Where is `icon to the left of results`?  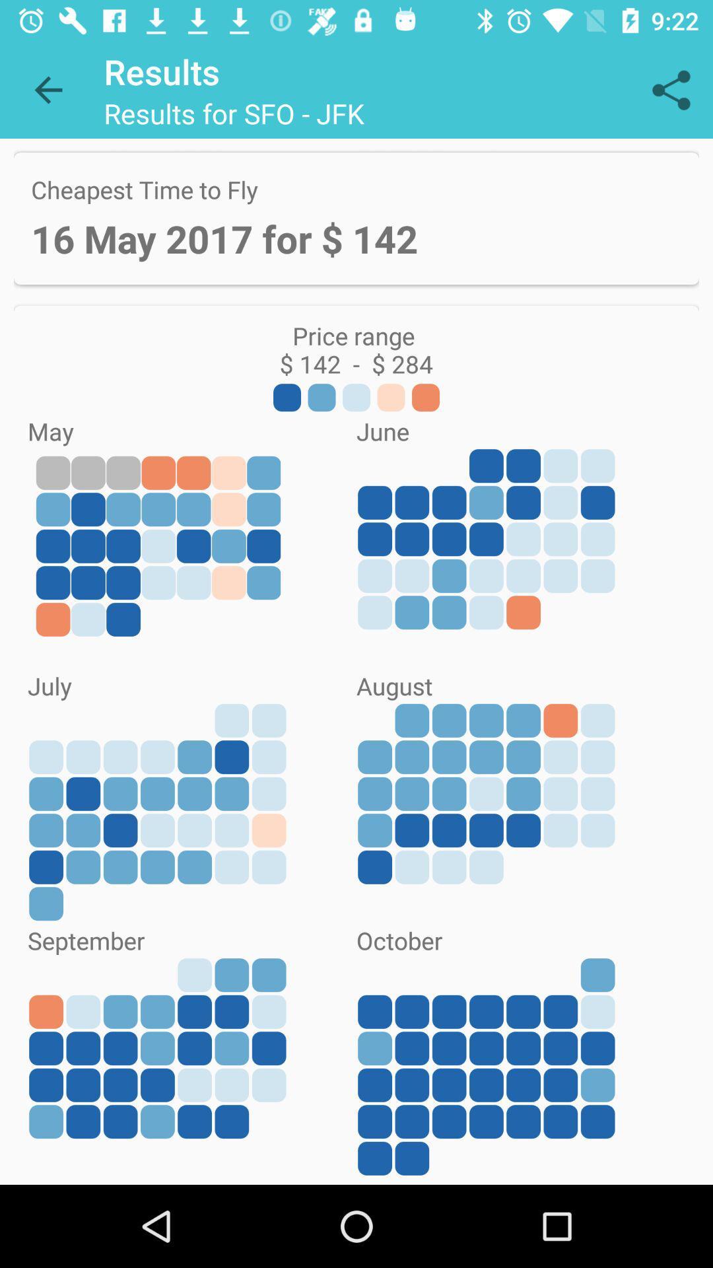 icon to the left of results is located at coordinates (48, 89).